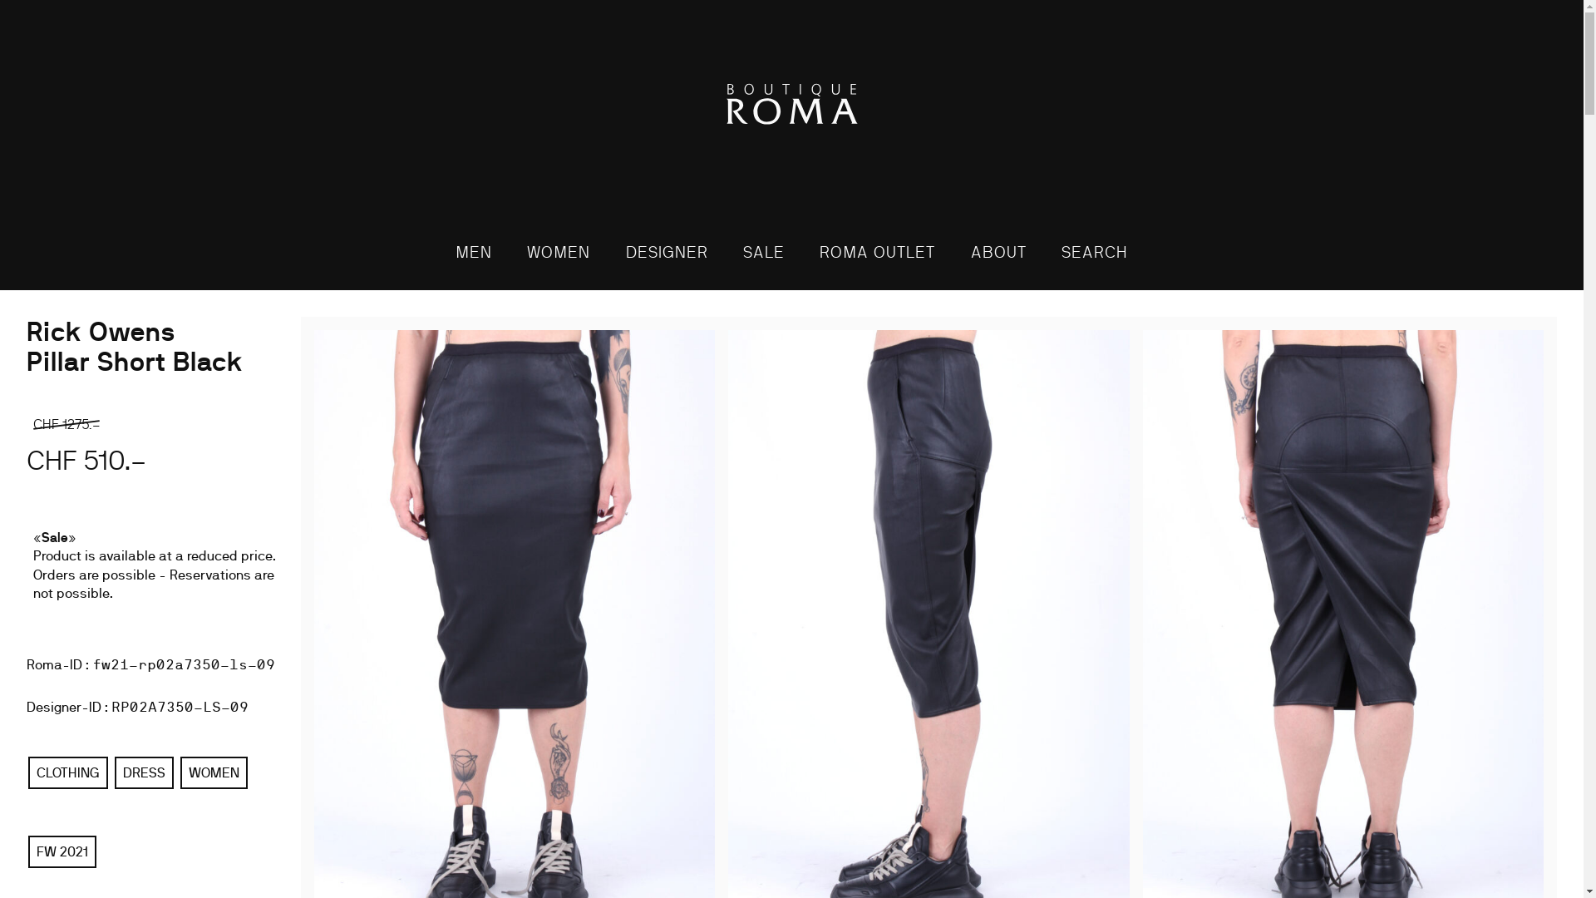 The image size is (1596, 898). I want to click on 'SEARCH', so click(1094, 252).